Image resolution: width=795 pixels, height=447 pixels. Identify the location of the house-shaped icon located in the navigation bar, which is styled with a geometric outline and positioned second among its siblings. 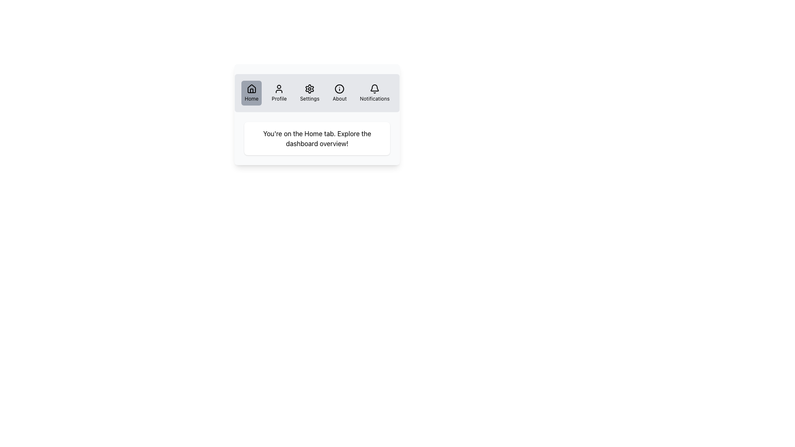
(251, 89).